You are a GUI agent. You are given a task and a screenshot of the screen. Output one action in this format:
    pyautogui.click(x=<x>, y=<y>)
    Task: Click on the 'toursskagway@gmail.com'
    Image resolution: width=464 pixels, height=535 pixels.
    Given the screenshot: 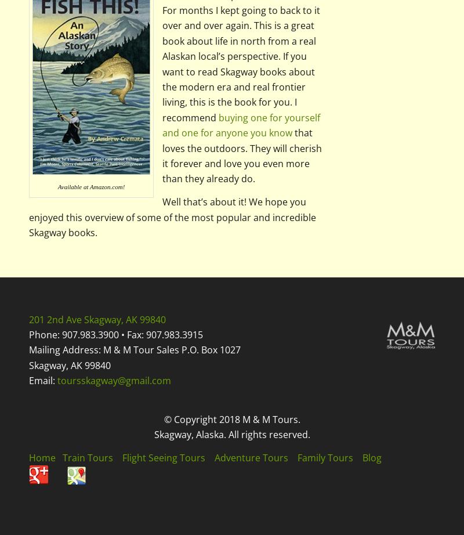 What is the action you would take?
    pyautogui.click(x=57, y=381)
    